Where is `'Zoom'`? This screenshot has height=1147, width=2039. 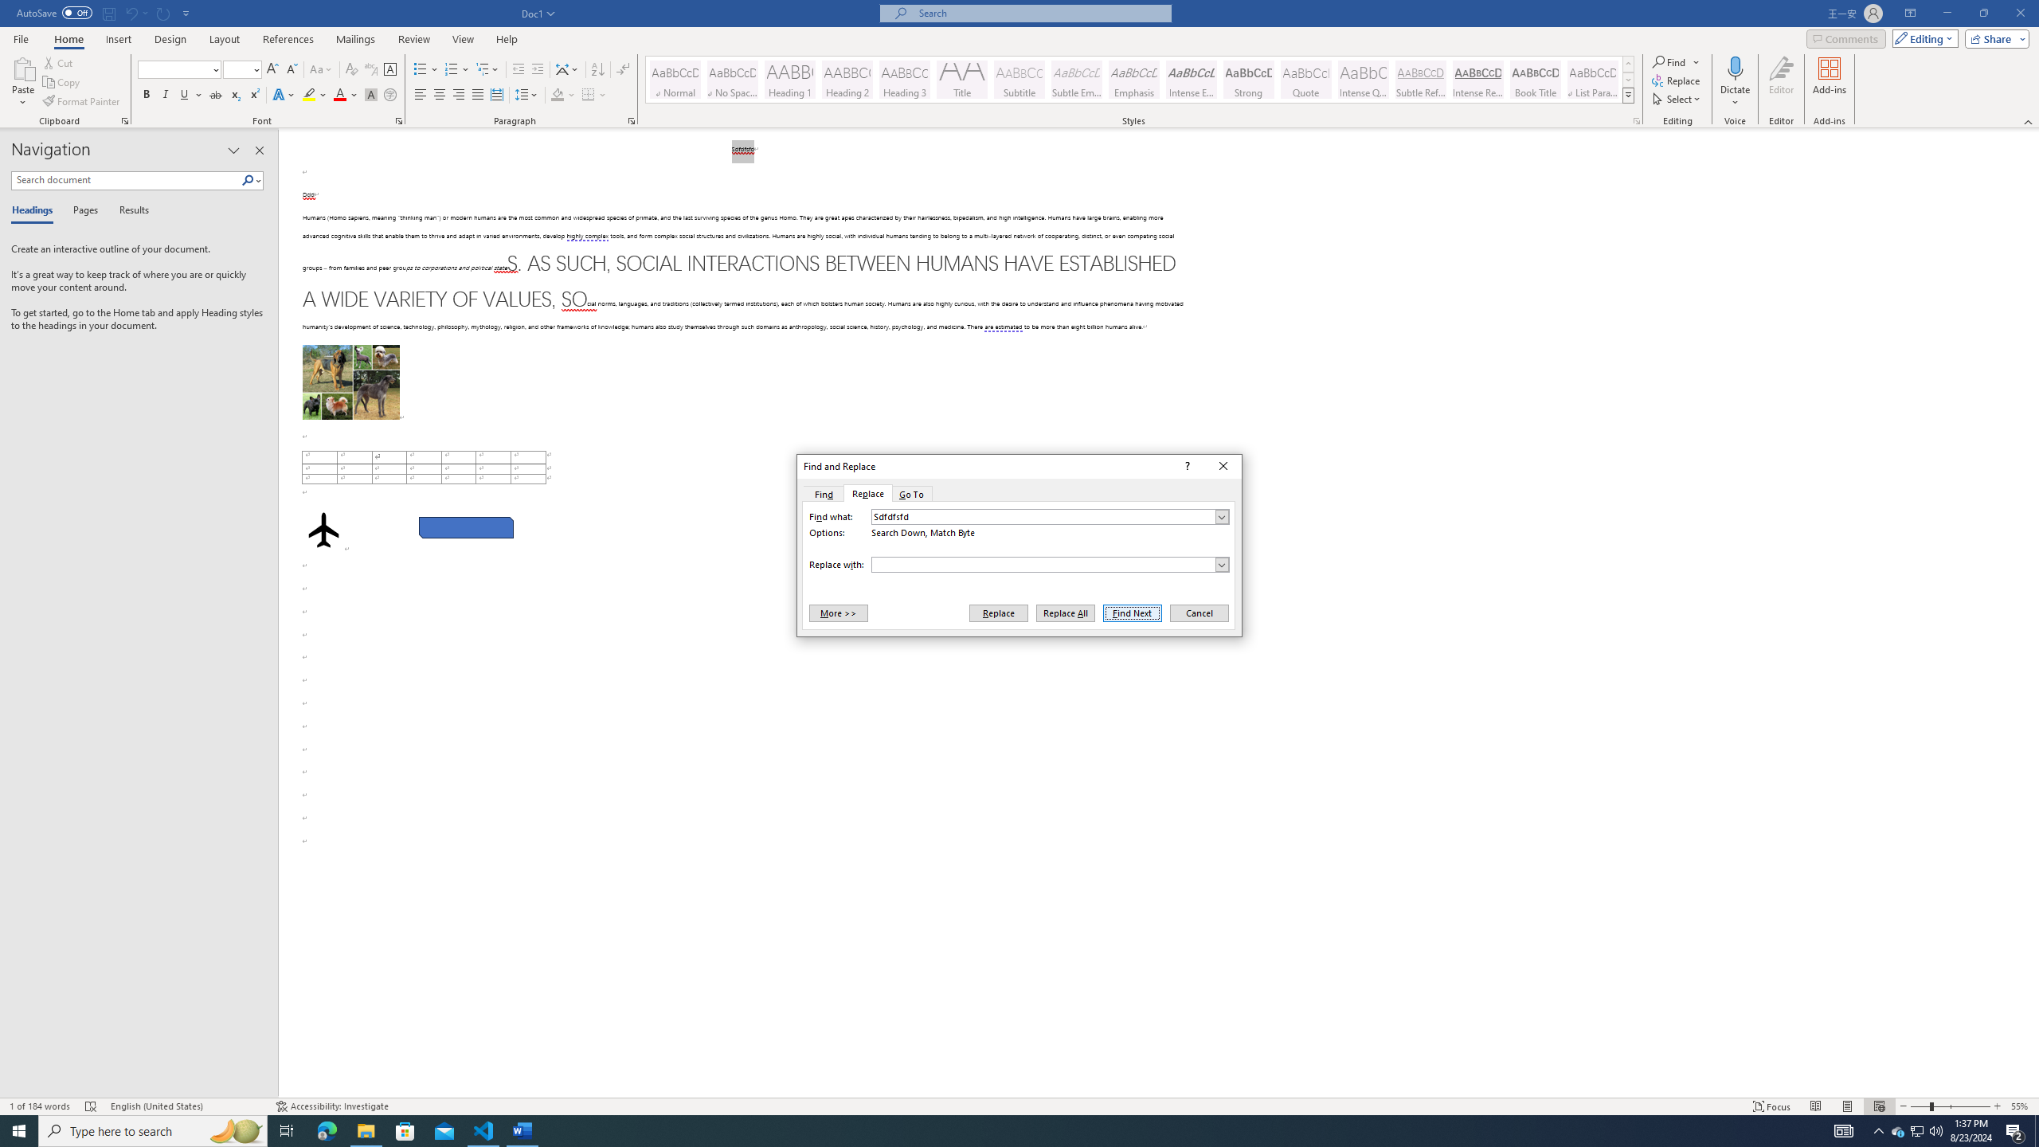 'Zoom' is located at coordinates (1949, 1106).